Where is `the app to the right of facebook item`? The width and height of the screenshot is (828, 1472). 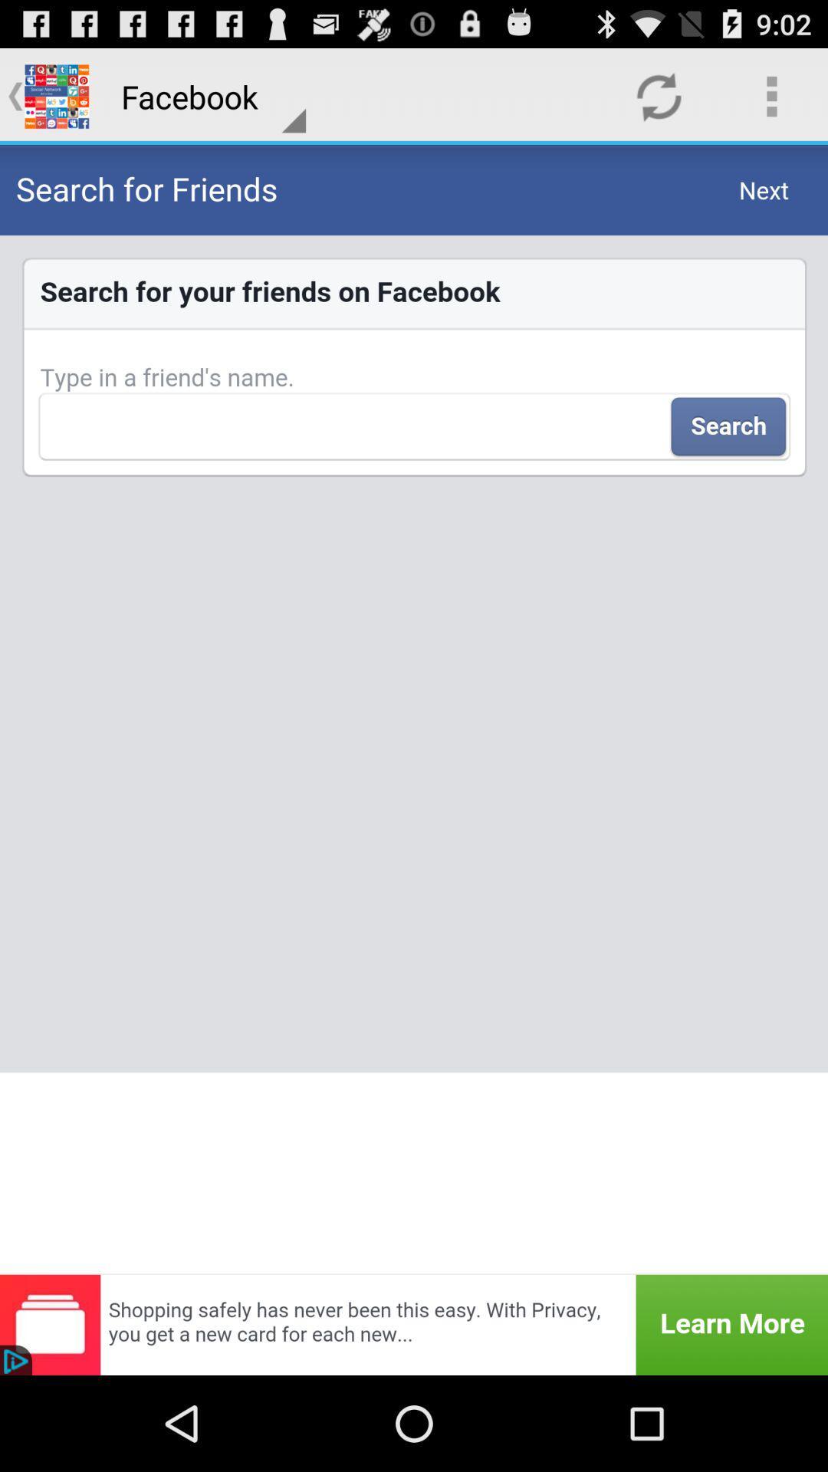
the app to the right of facebook item is located at coordinates (658, 95).